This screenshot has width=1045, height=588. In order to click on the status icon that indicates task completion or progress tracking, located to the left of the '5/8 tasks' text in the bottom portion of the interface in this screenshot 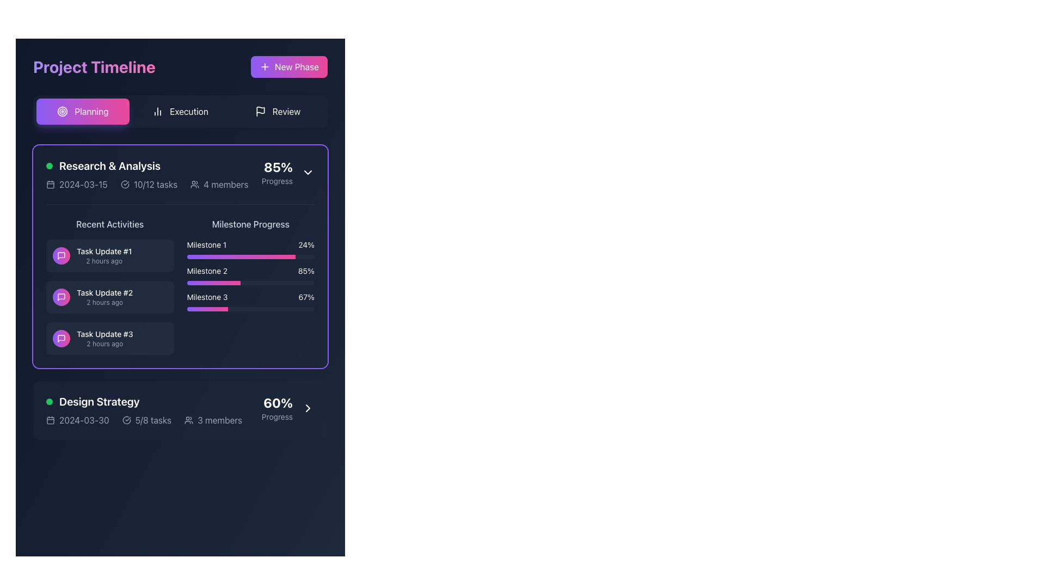, I will do `click(126, 419)`.